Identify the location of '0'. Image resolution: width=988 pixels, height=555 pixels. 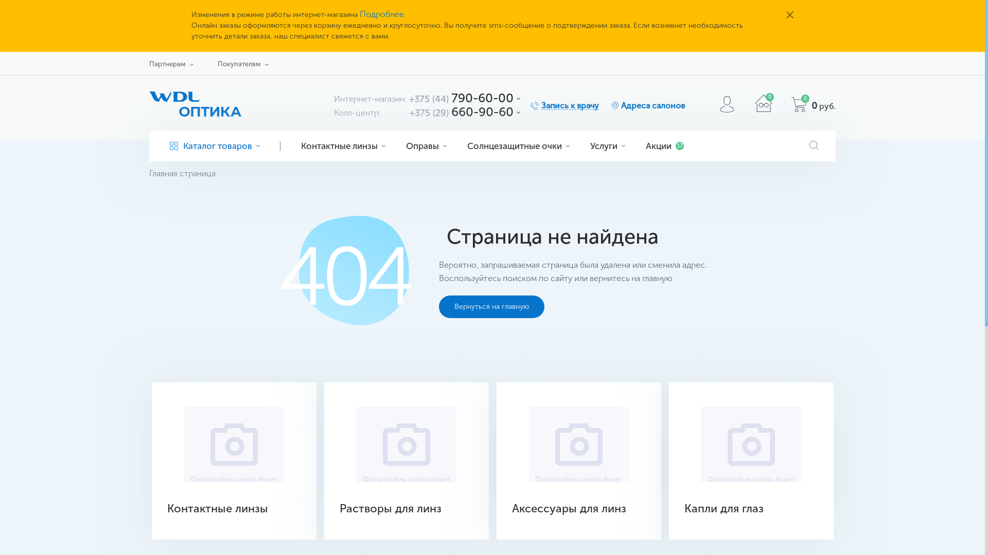
(755, 108).